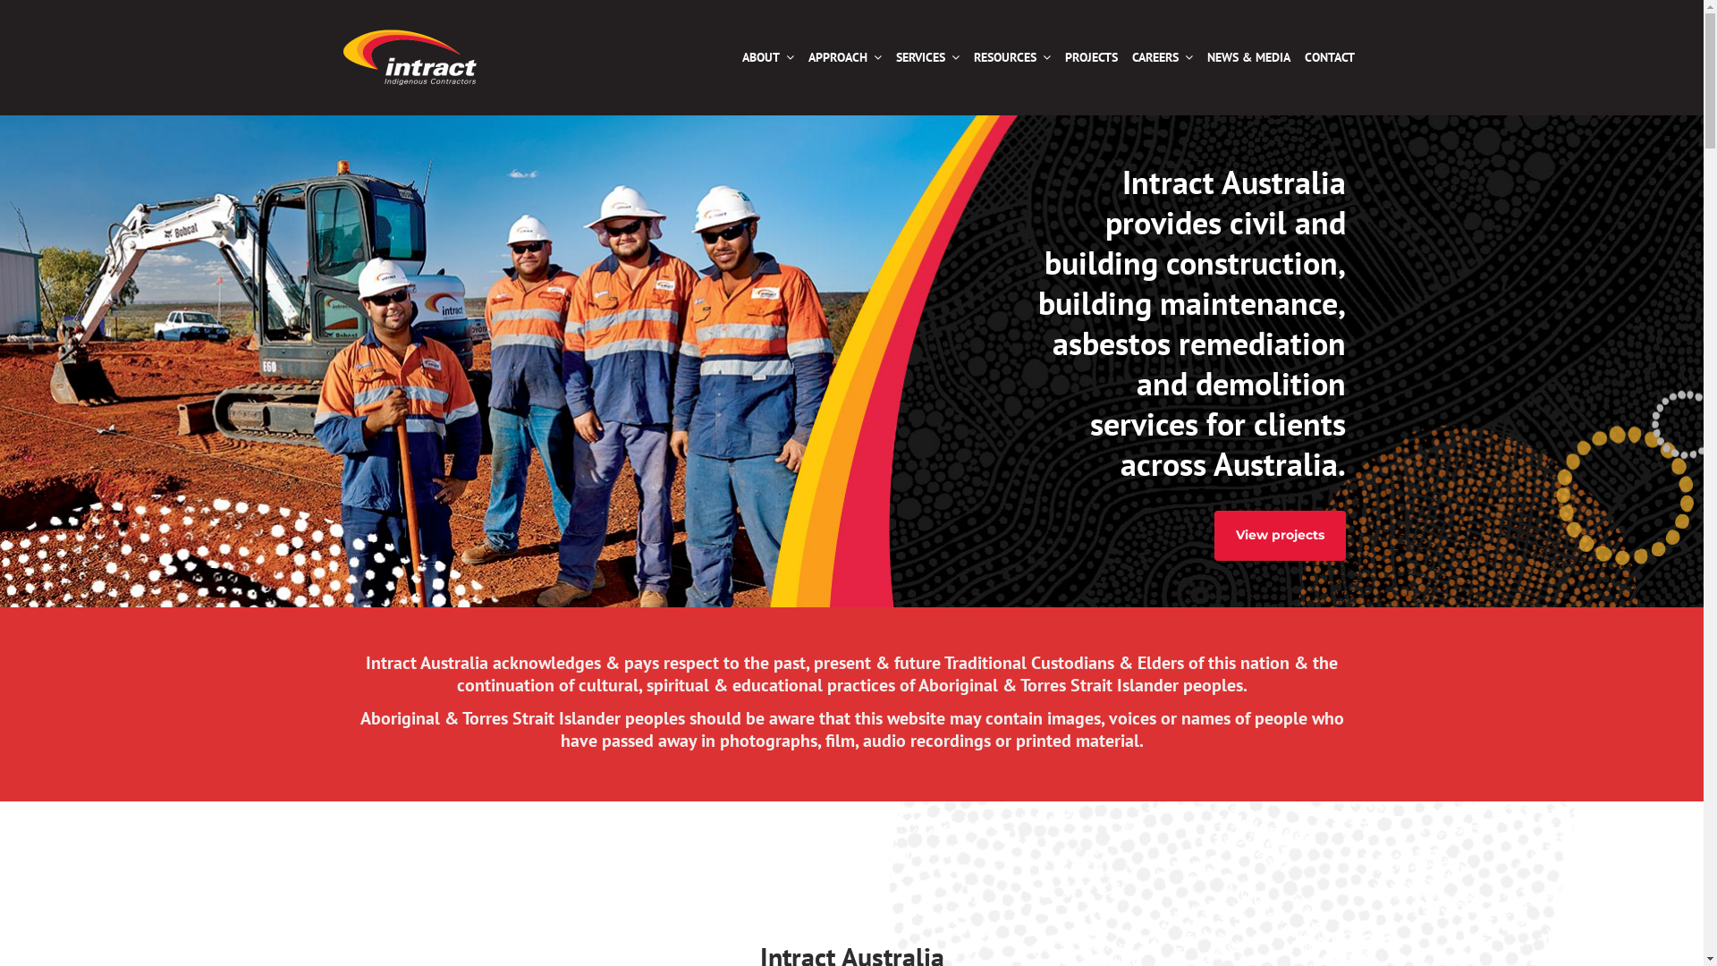 Image resolution: width=1717 pixels, height=966 pixels. I want to click on 'SERVICES', so click(927, 56).